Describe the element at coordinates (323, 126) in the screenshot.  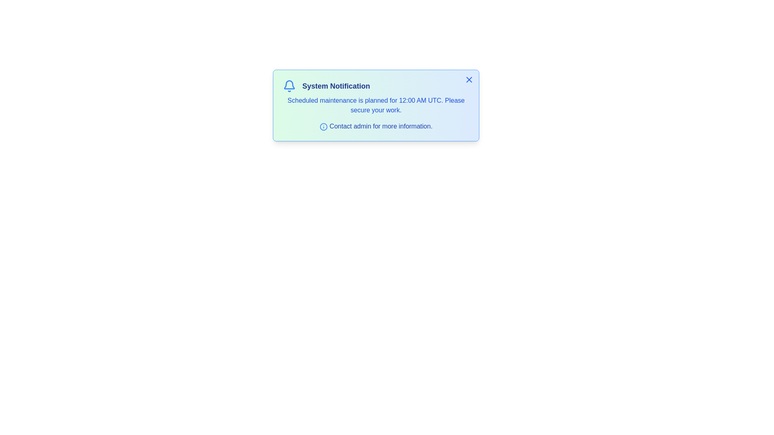
I see `the informational icon to reveal more details` at that location.